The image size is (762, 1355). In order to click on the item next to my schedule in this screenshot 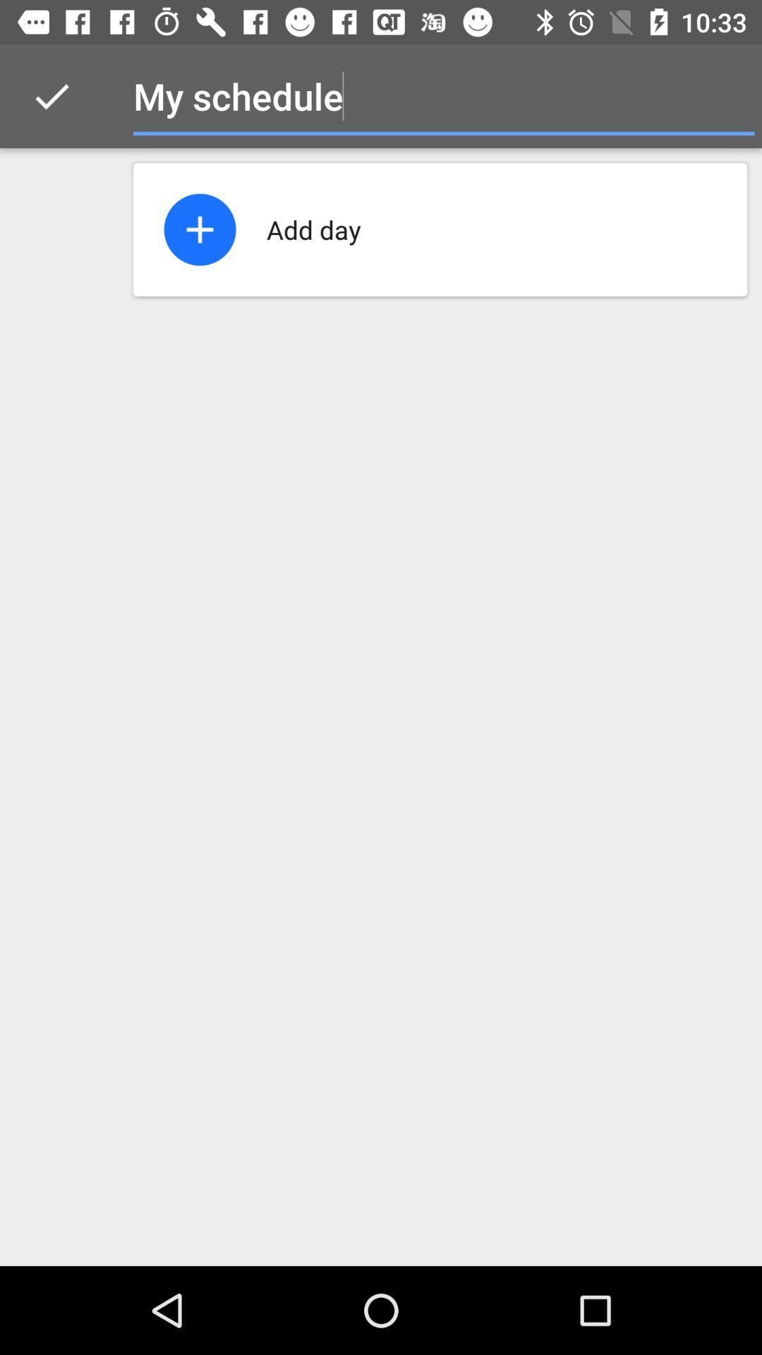, I will do `click(51, 95)`.